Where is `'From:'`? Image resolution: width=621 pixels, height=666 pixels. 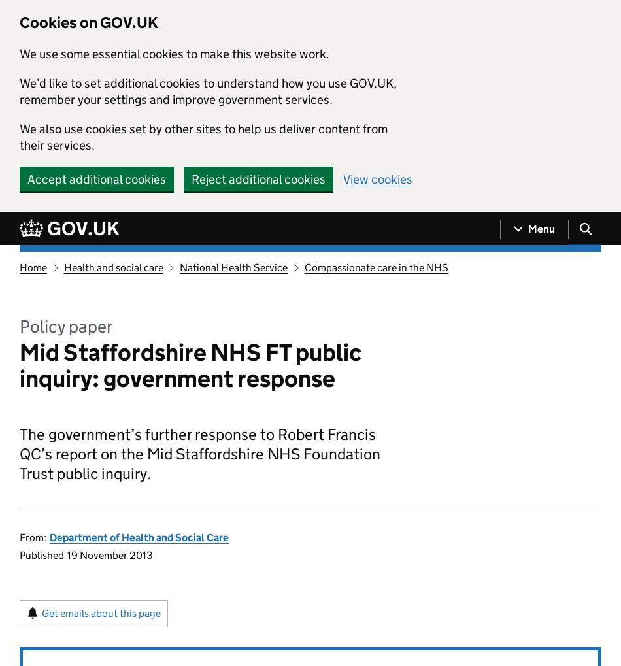
'From:' is located at coordinates (33, 537).